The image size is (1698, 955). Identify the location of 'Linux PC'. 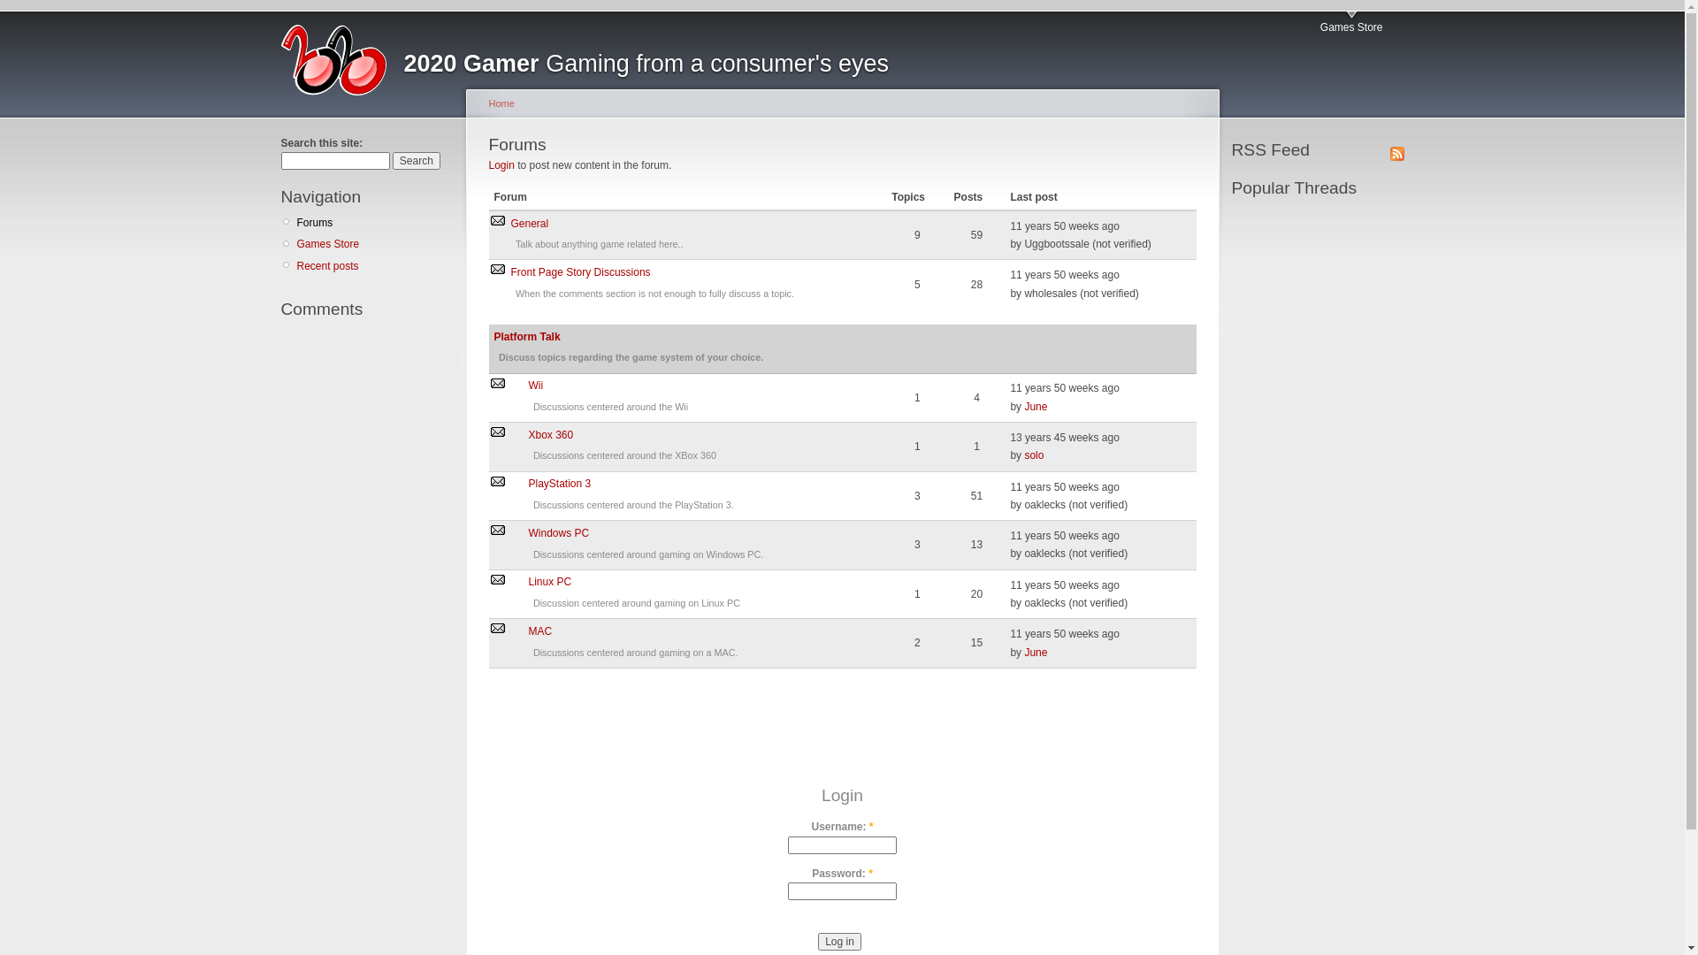
(528, 582).